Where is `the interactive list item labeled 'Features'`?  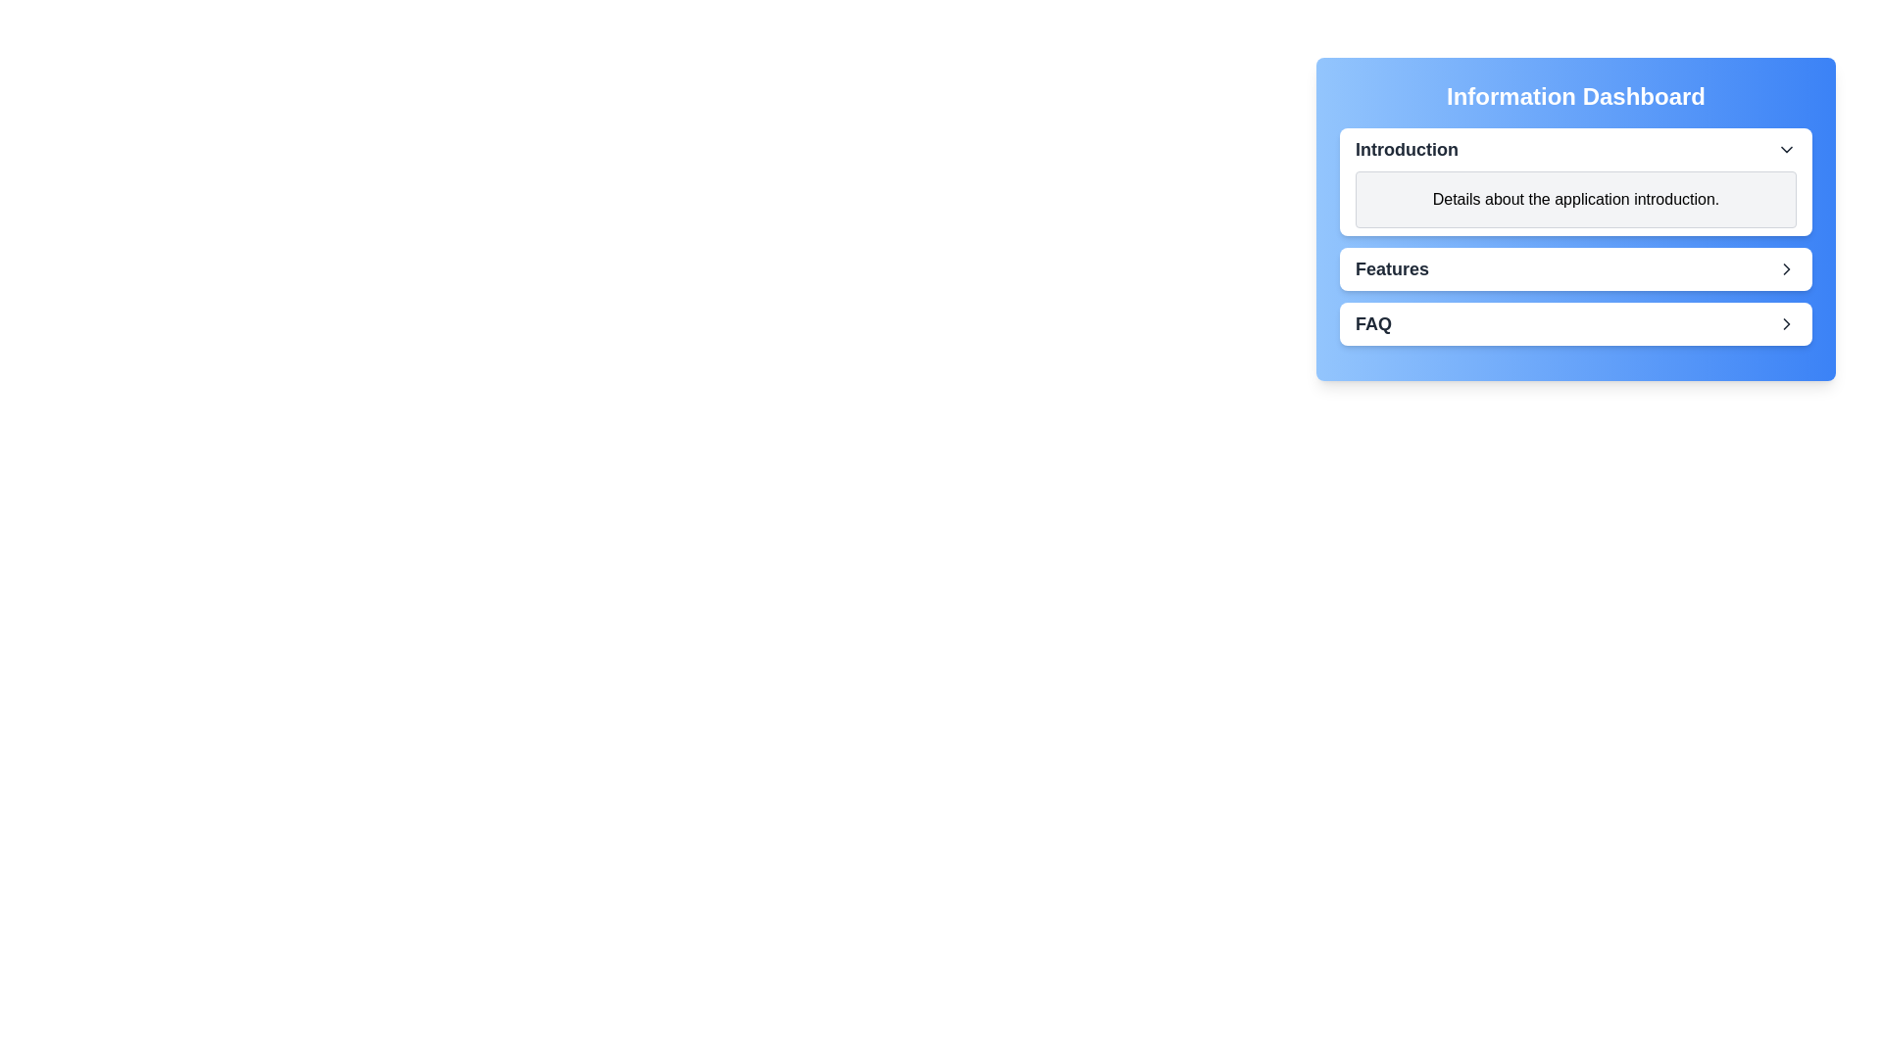 the interactive list item labeled 'Features' is located at coordinates (1576, 268).